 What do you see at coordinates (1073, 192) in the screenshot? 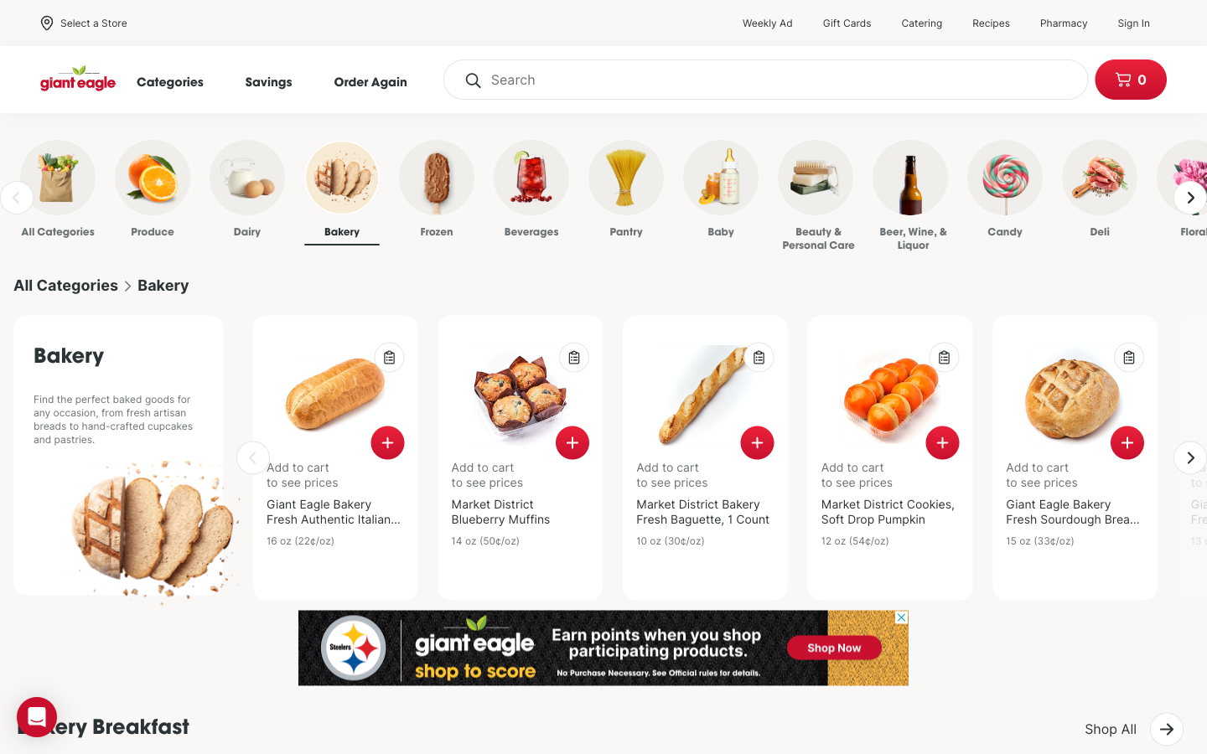
I see `Go to the Deli Section` at bounding box center [1073, 192].